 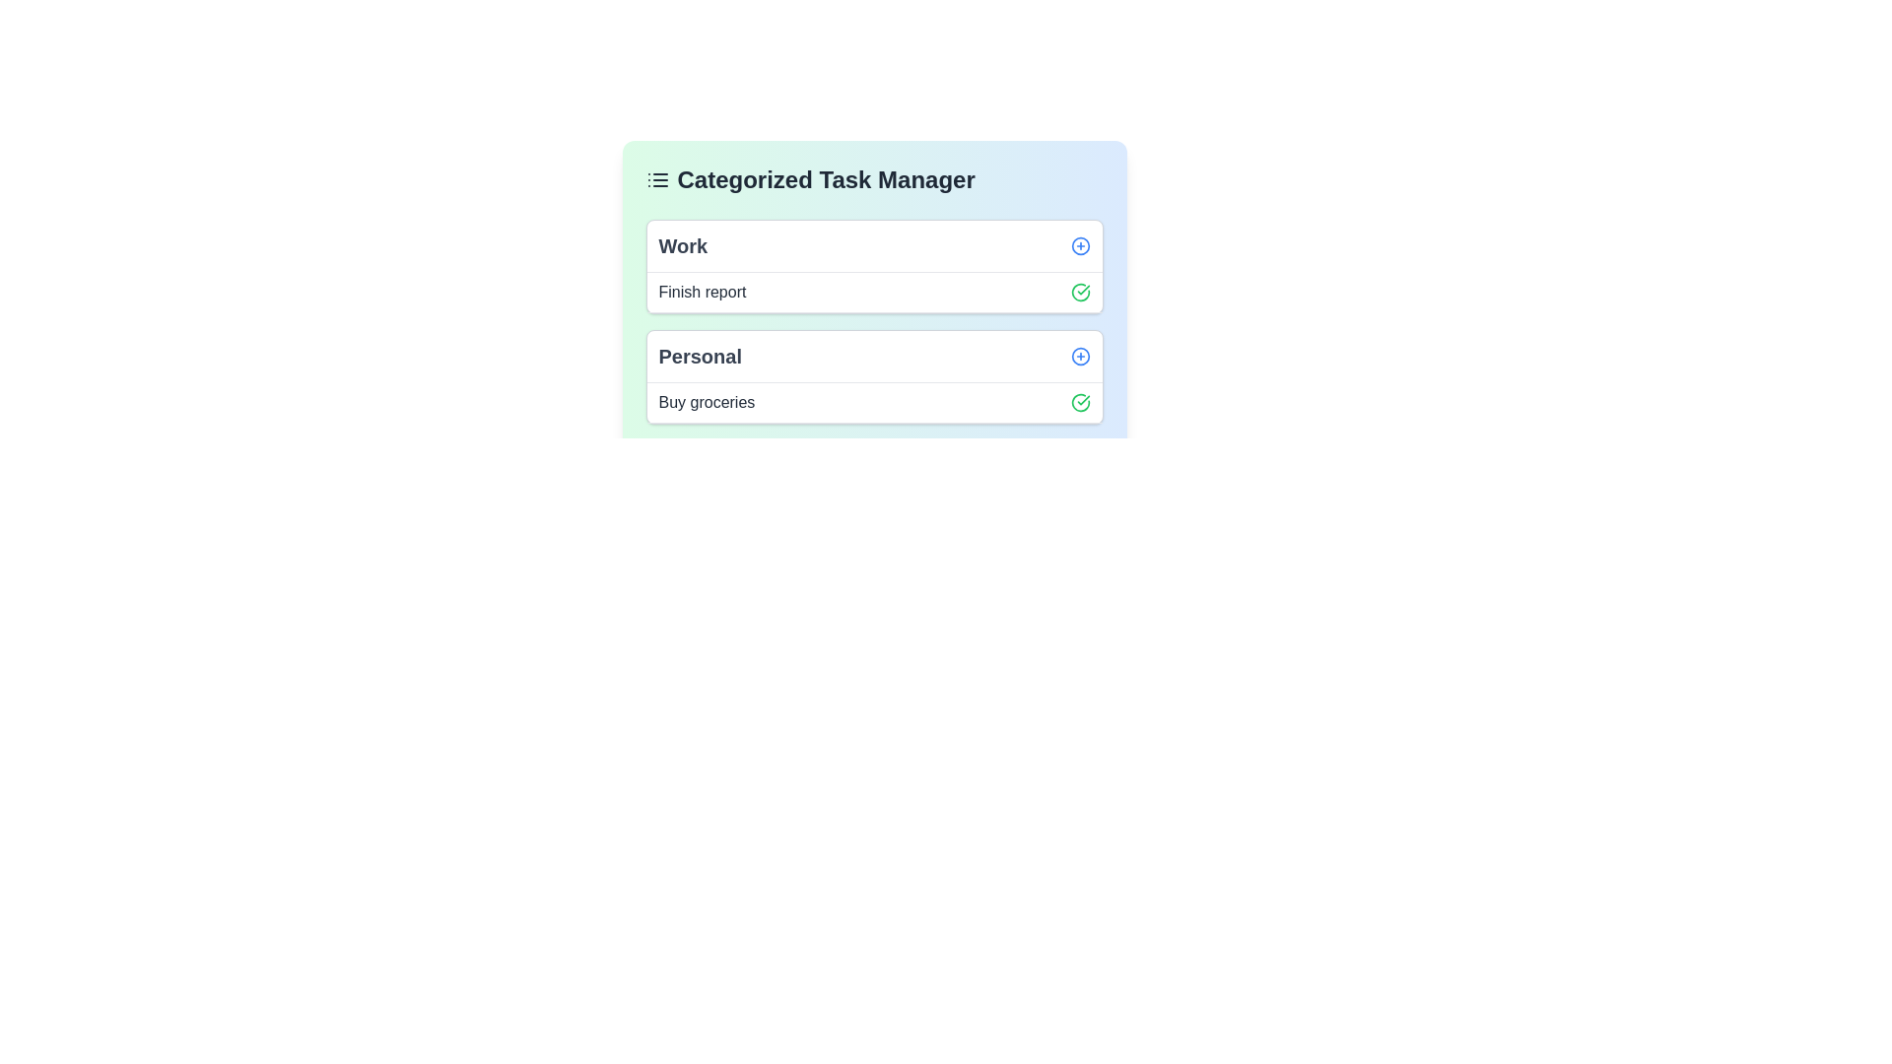 What do you see at coordinates (873, 179) in the screenshot?
I see `the title 'Categorized Task Manager'` at bounding box center [873, 179].